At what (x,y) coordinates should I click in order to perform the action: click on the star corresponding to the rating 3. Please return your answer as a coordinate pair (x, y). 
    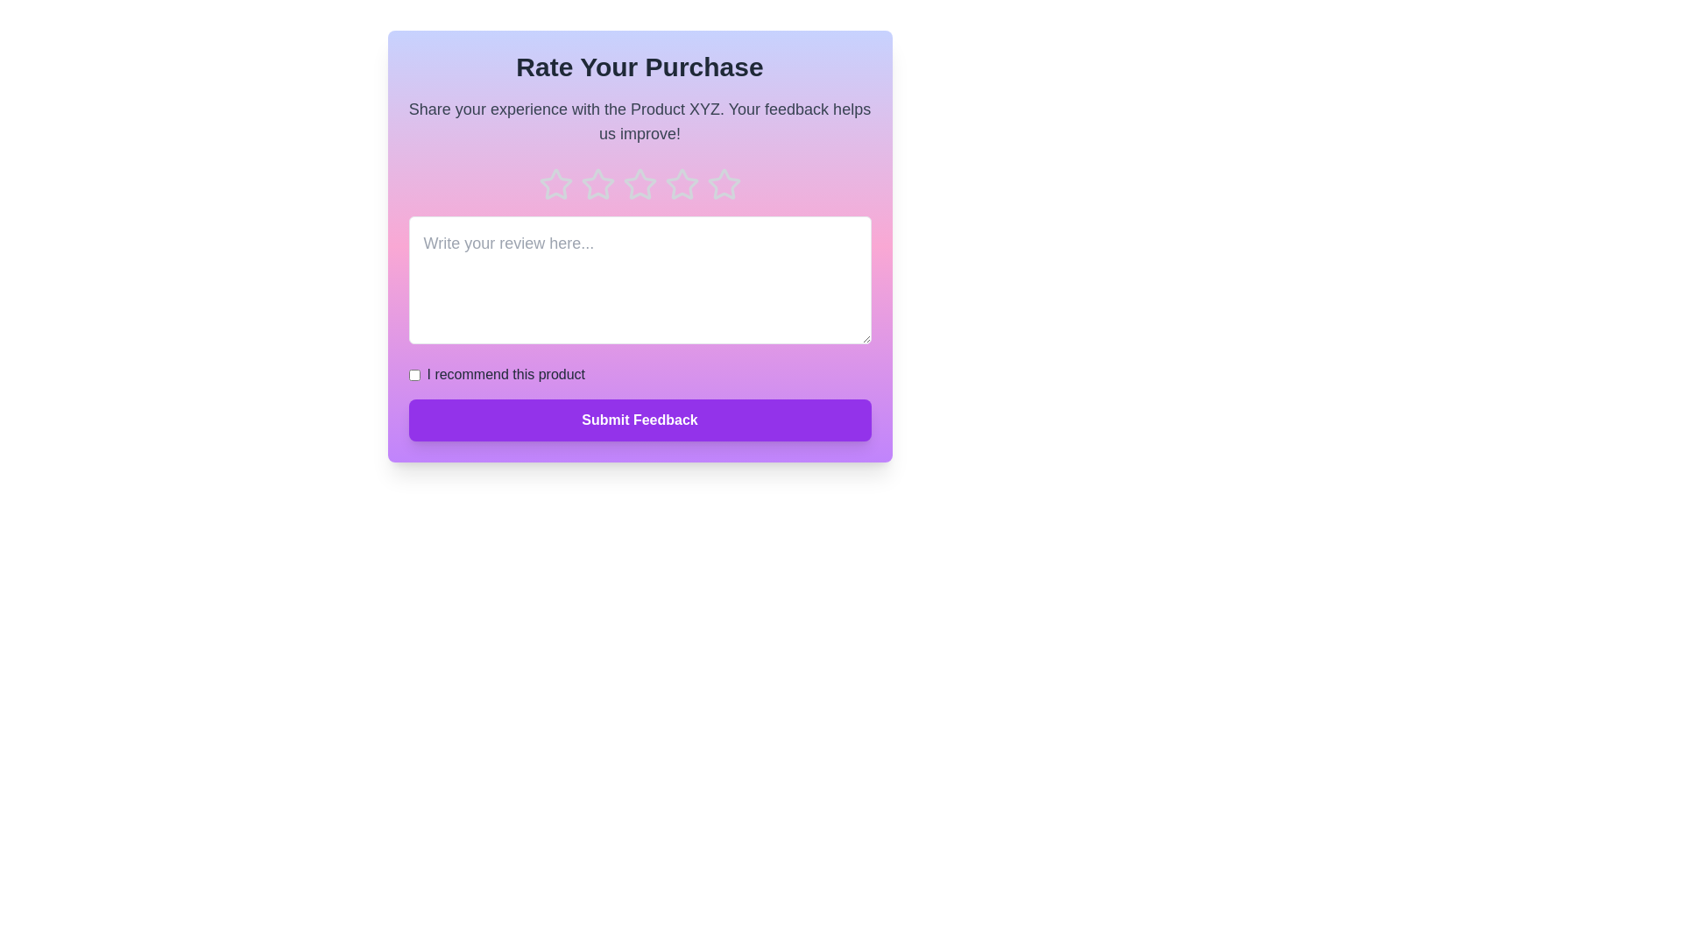
    Looking at the image, I should click on (639, 185).